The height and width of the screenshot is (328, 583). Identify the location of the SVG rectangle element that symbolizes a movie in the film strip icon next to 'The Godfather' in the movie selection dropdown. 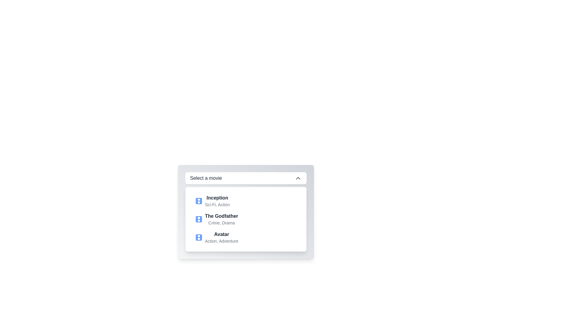
(199, 219).